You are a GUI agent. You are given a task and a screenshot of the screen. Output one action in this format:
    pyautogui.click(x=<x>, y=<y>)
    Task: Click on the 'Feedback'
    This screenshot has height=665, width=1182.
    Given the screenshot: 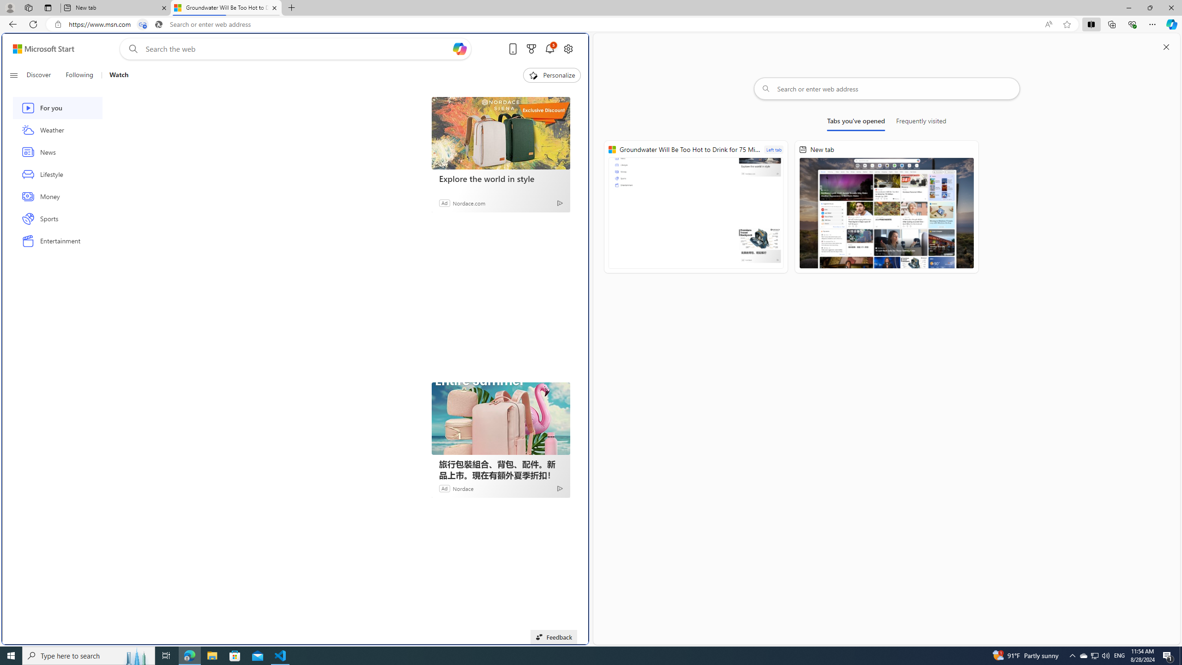 What is the action you would take?
    pyautogui.click(x=553, y=636)
    